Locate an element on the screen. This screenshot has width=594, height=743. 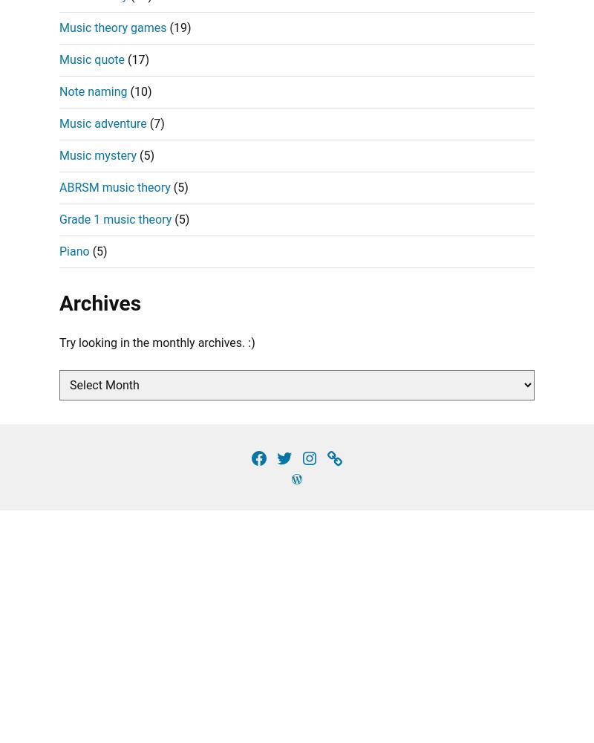
'Try looking in the monthly archives. :)' is located at coordinates (157, 342).